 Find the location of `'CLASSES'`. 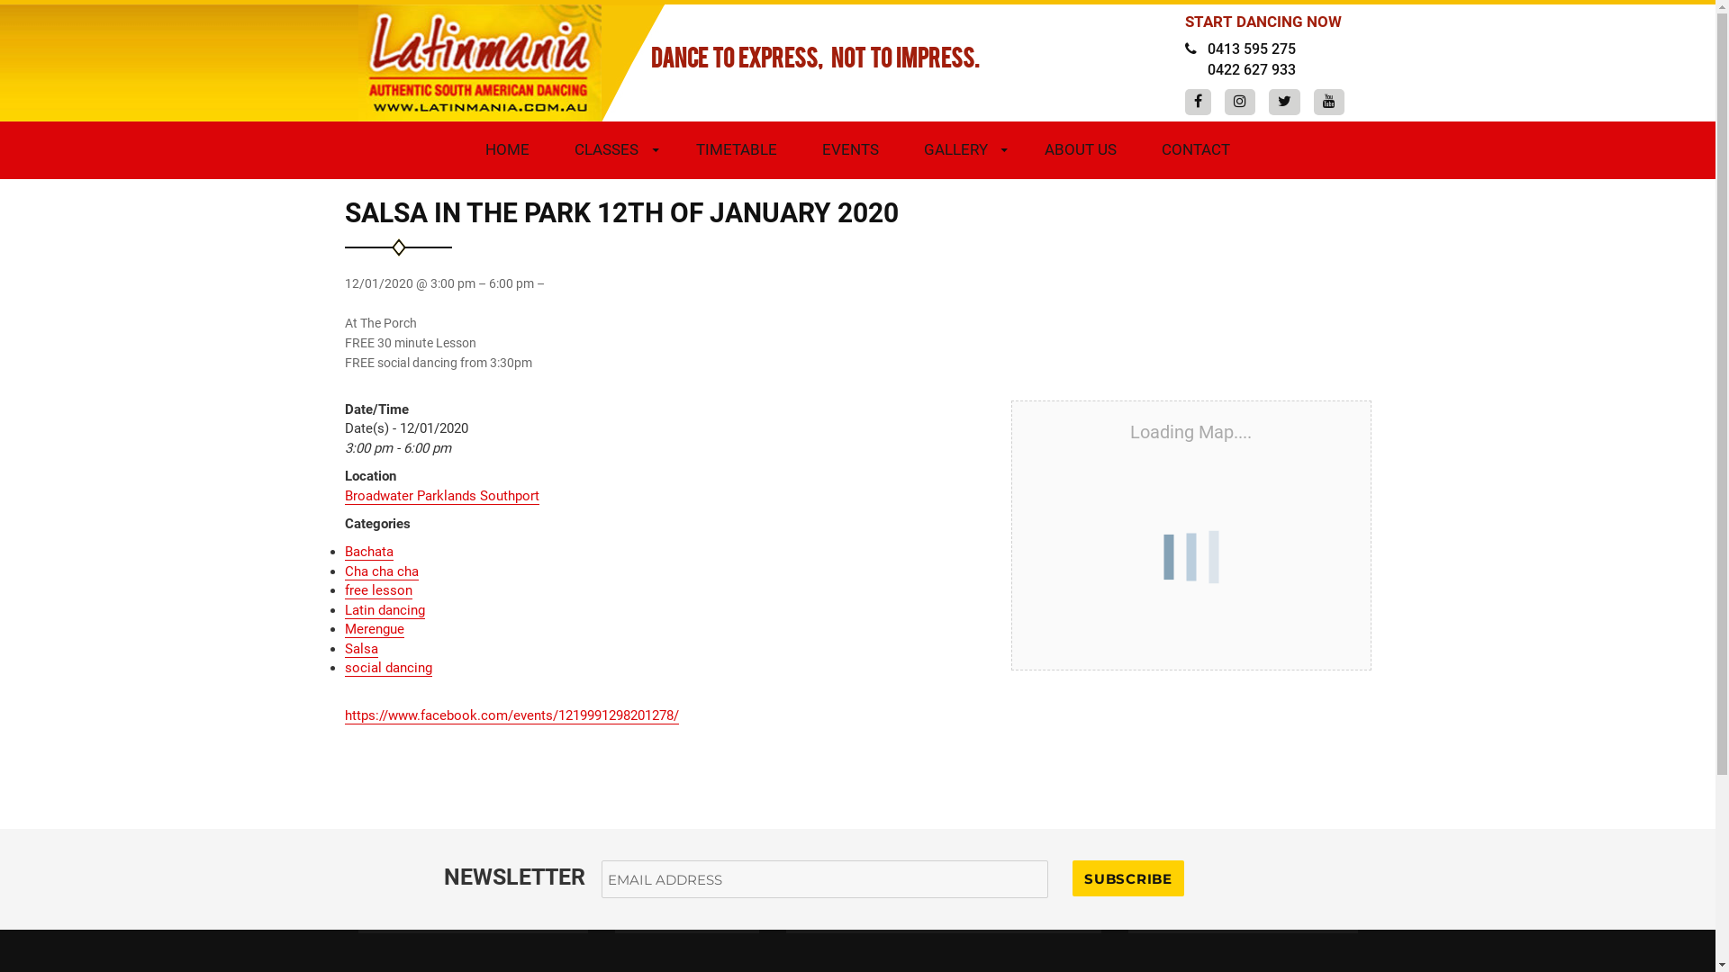

'CLASSES' is located at coordinates (551, 148).